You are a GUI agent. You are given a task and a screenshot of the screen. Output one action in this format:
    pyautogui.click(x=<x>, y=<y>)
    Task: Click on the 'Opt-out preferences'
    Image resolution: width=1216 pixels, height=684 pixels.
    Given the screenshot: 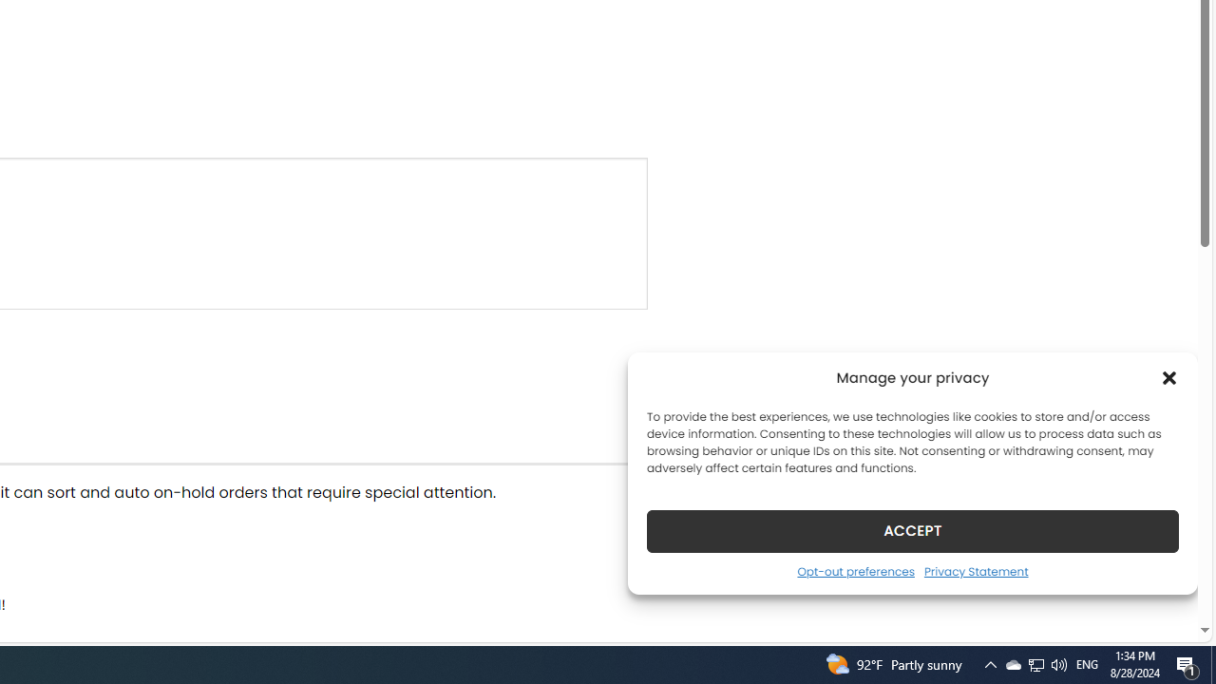 What is the action you would take?
    pyautogui.click(x=854, y=570)
    